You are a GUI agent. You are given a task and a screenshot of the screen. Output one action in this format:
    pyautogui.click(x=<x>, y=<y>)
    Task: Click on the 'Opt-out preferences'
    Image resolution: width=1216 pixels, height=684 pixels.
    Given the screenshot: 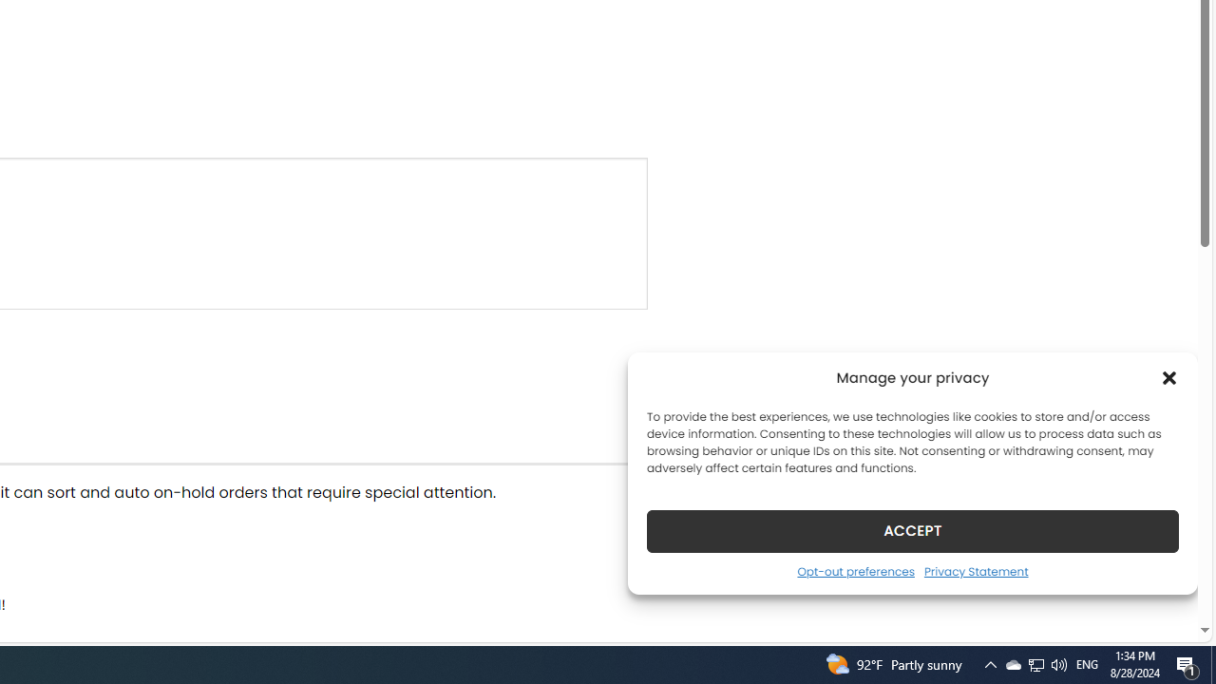 What is the action you would take?
    pyautogui.click(x=854, y=570)
    